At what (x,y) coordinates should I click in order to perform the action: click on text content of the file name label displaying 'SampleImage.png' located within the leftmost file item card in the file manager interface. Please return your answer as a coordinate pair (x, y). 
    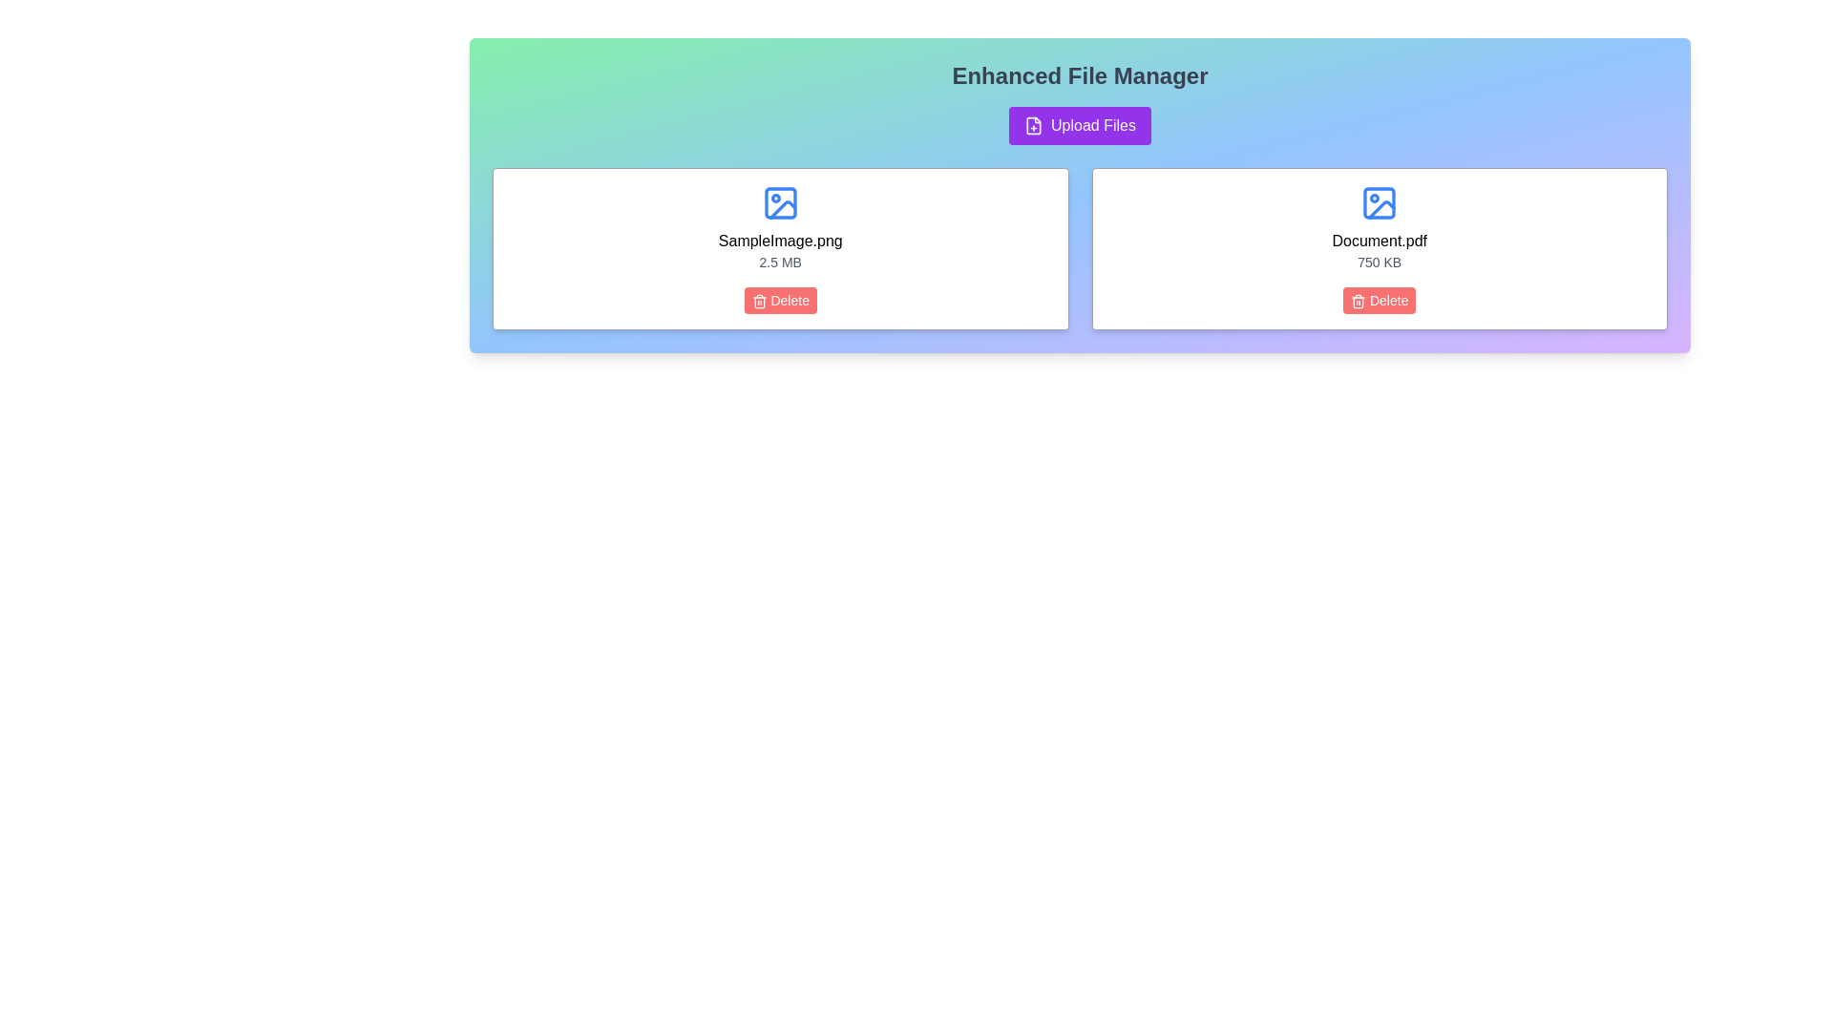
    Looking at the image, I should click on (780, 241).